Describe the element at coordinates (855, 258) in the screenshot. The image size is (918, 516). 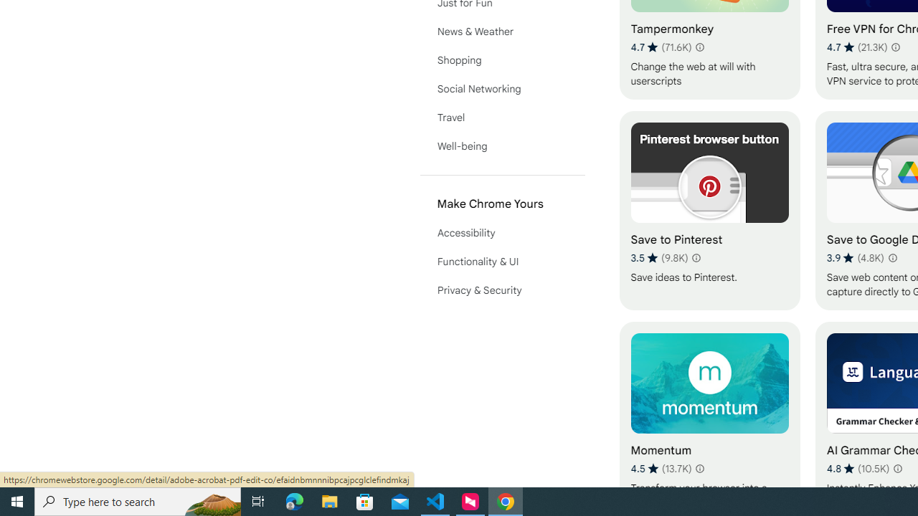
I see `'Average rating 3.9 out of 5 stars. 4.8K ratings.'` at that location.